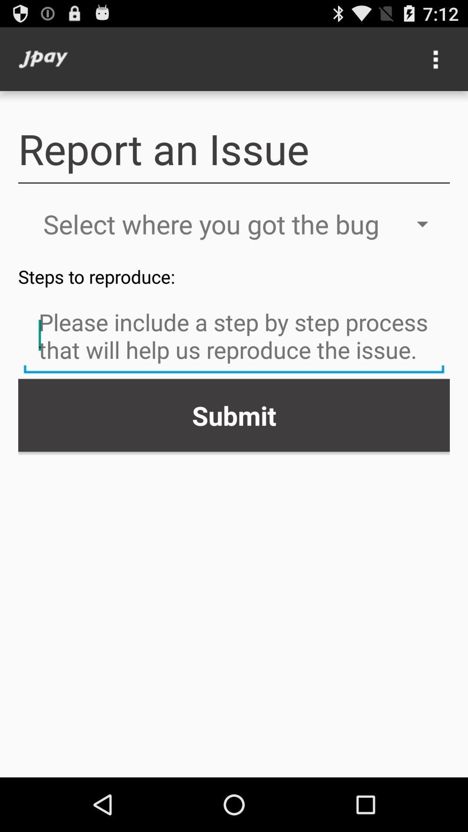 The height and width of the screenshot is (832, 468). What do you see at coordinates (436, 58) in the screenshot?
I see `option botton` at bounding box center [436, 58].